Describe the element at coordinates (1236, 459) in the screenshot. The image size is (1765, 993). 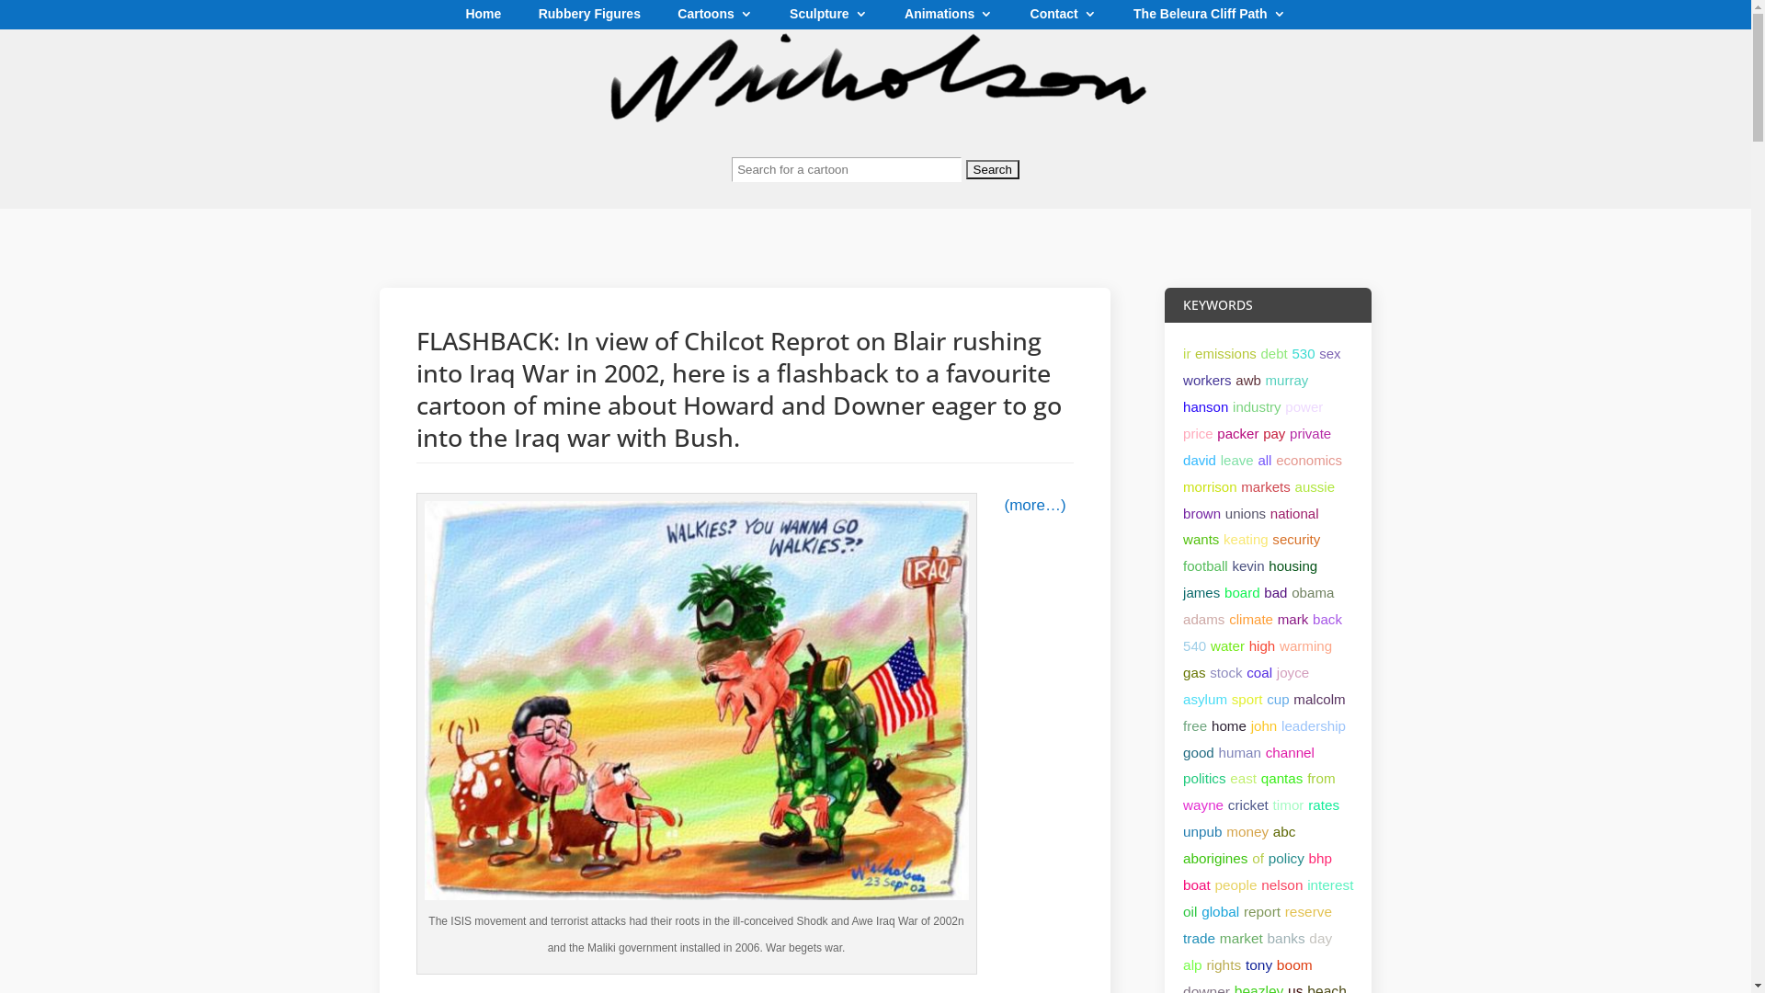
I see `'leave'` at that location.